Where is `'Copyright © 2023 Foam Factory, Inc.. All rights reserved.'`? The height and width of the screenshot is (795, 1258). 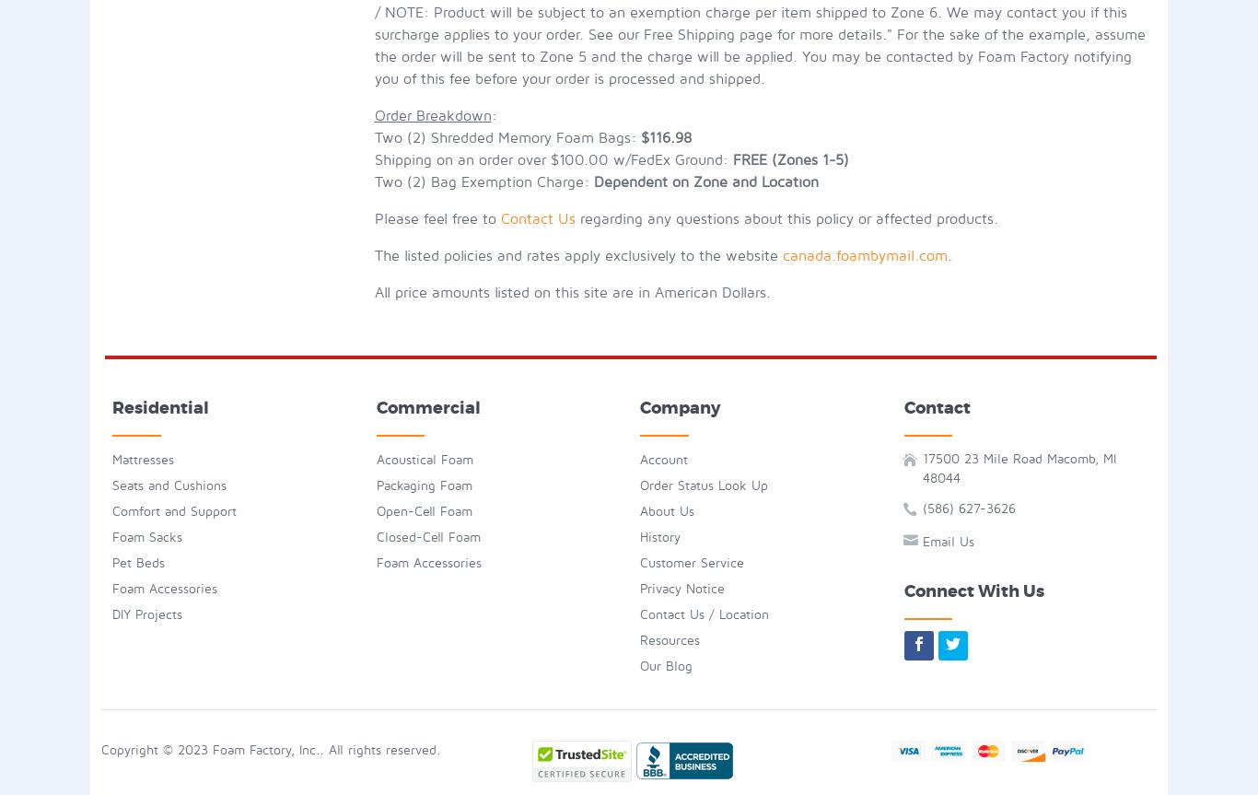
'Copyright © 2023 Foam Factory, Inc.. All rights reserved.' is located at coordinates (271, 748).